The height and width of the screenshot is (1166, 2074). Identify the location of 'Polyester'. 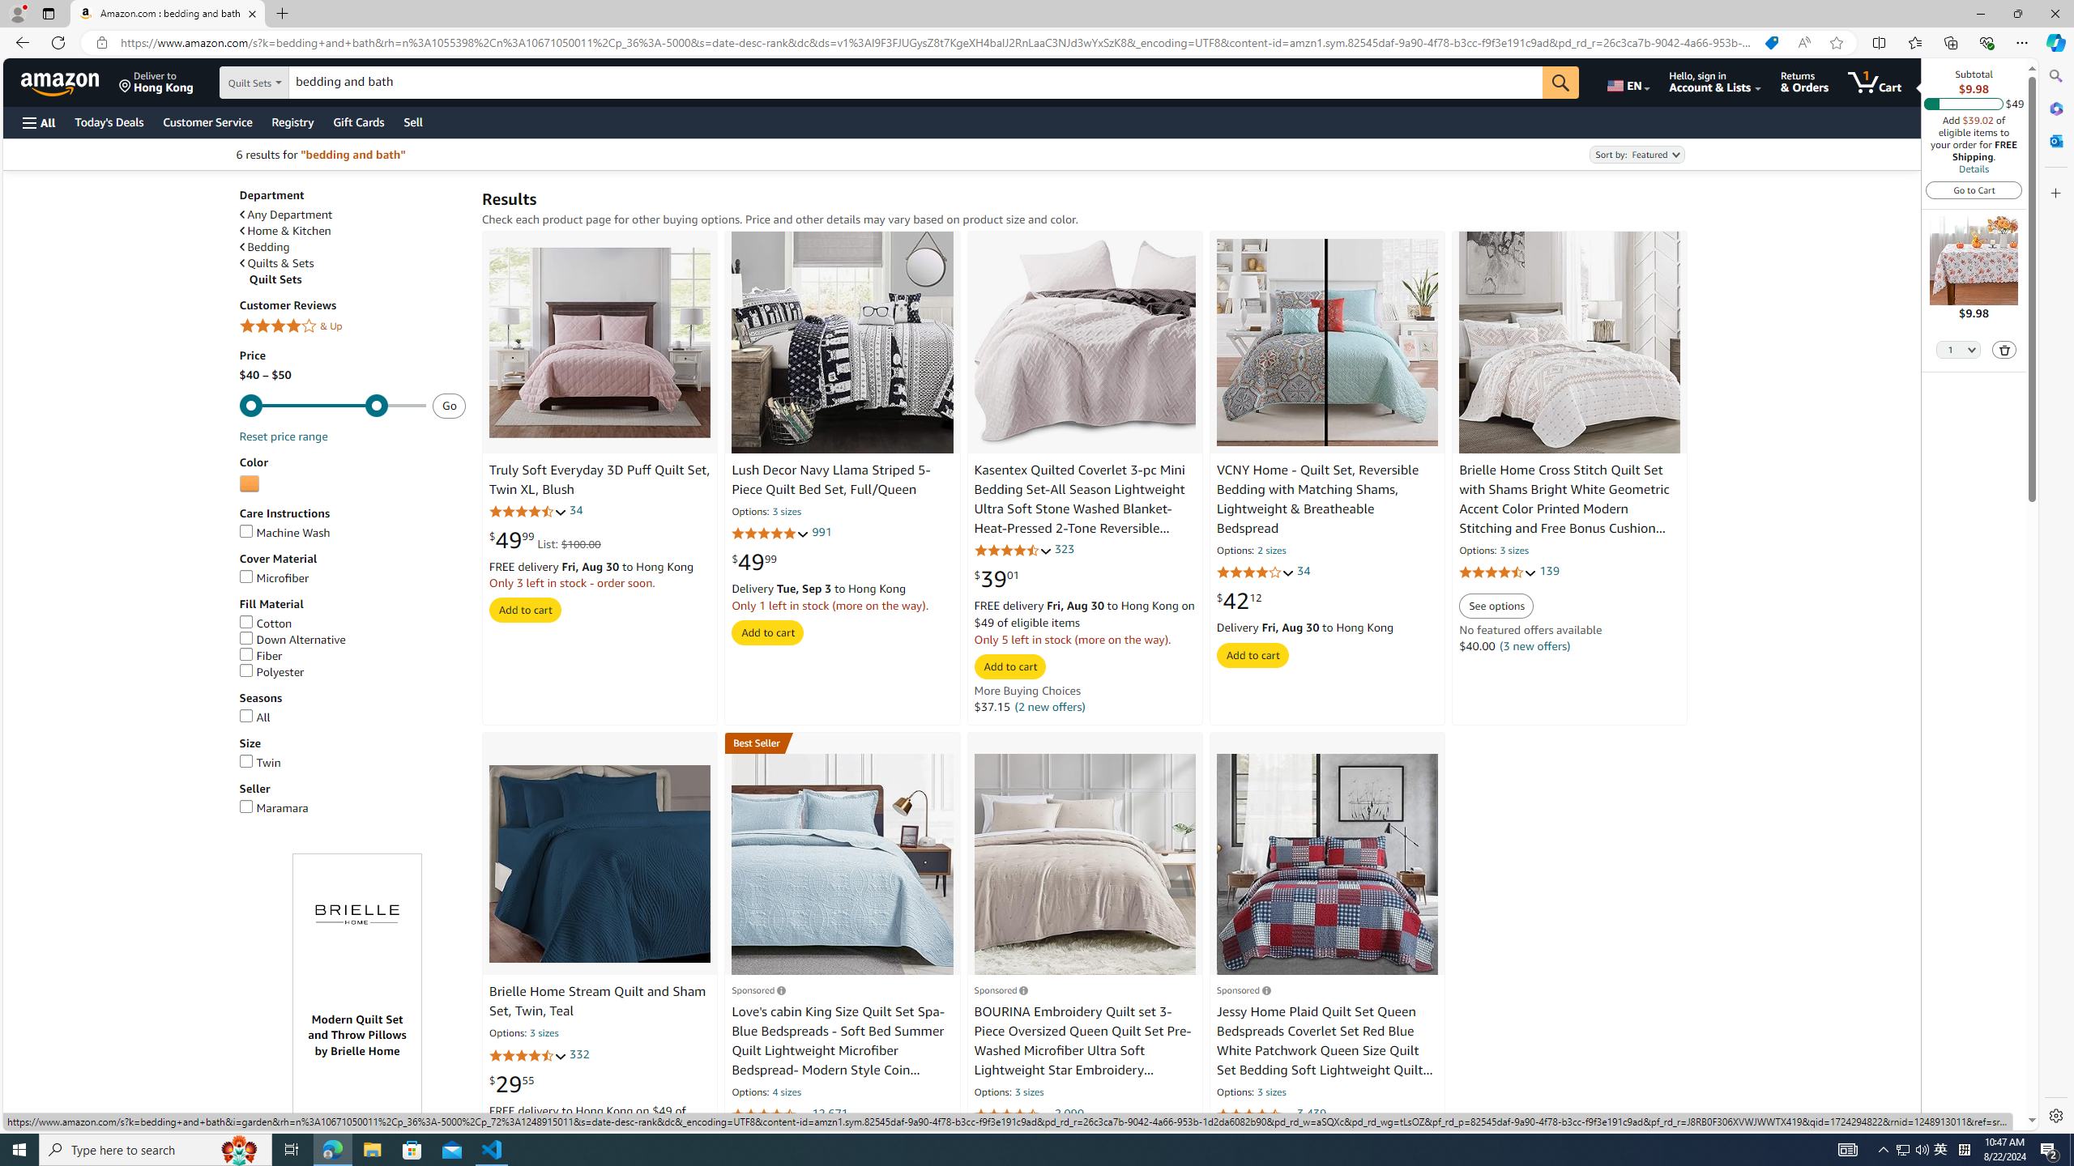
(271, 670).